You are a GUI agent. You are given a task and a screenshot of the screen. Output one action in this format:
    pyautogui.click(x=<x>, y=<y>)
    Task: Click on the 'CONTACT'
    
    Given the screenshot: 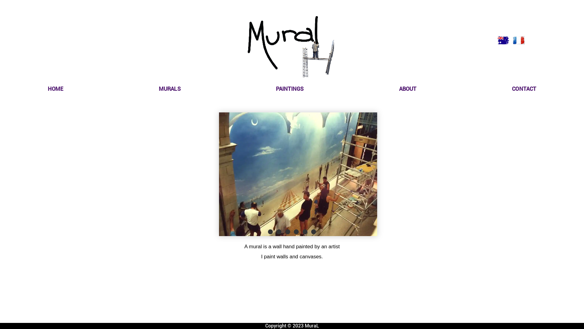 What is the action you would take?
    pyautogui.click(x=524, y=89)
    